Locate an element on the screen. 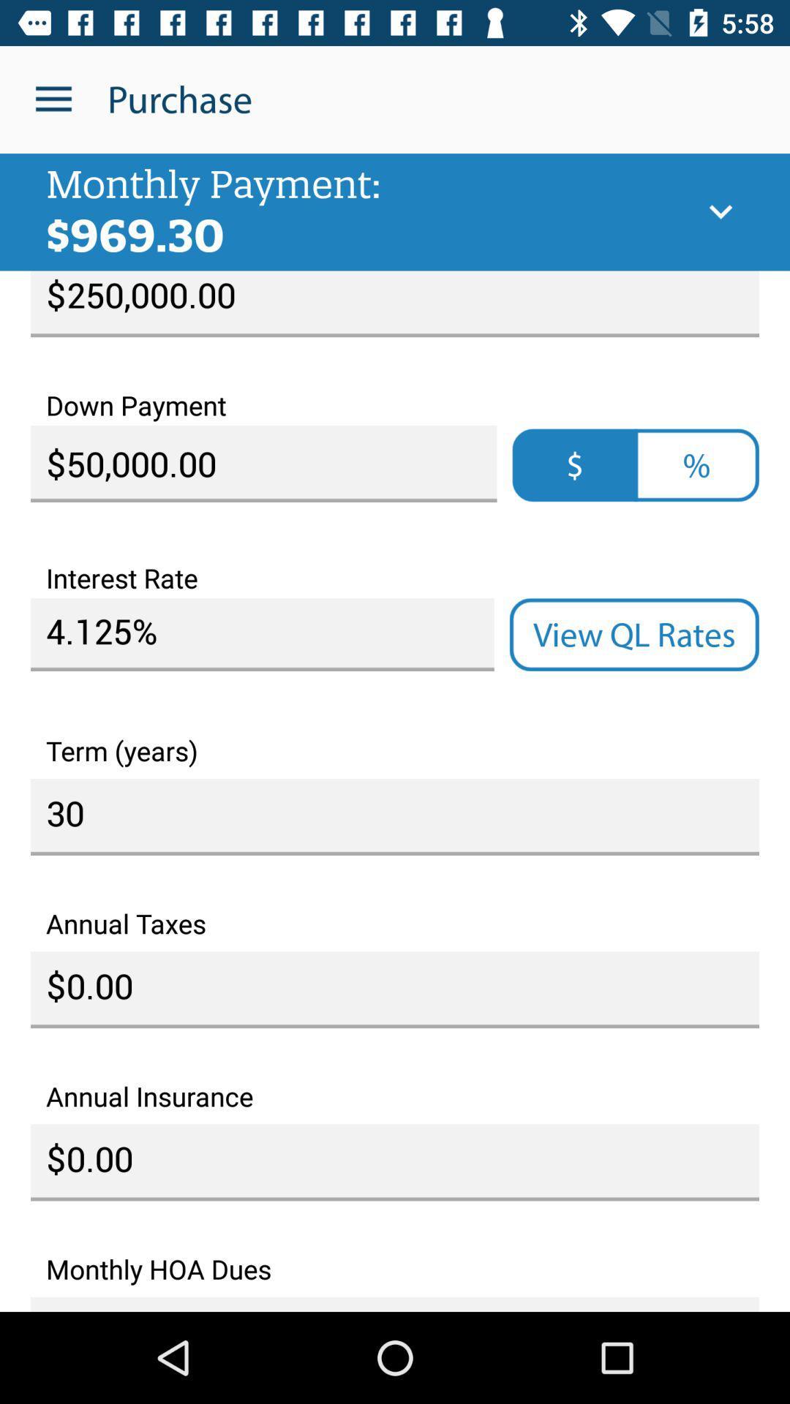  the icon below the down payment is located at coordinates (574, 464).